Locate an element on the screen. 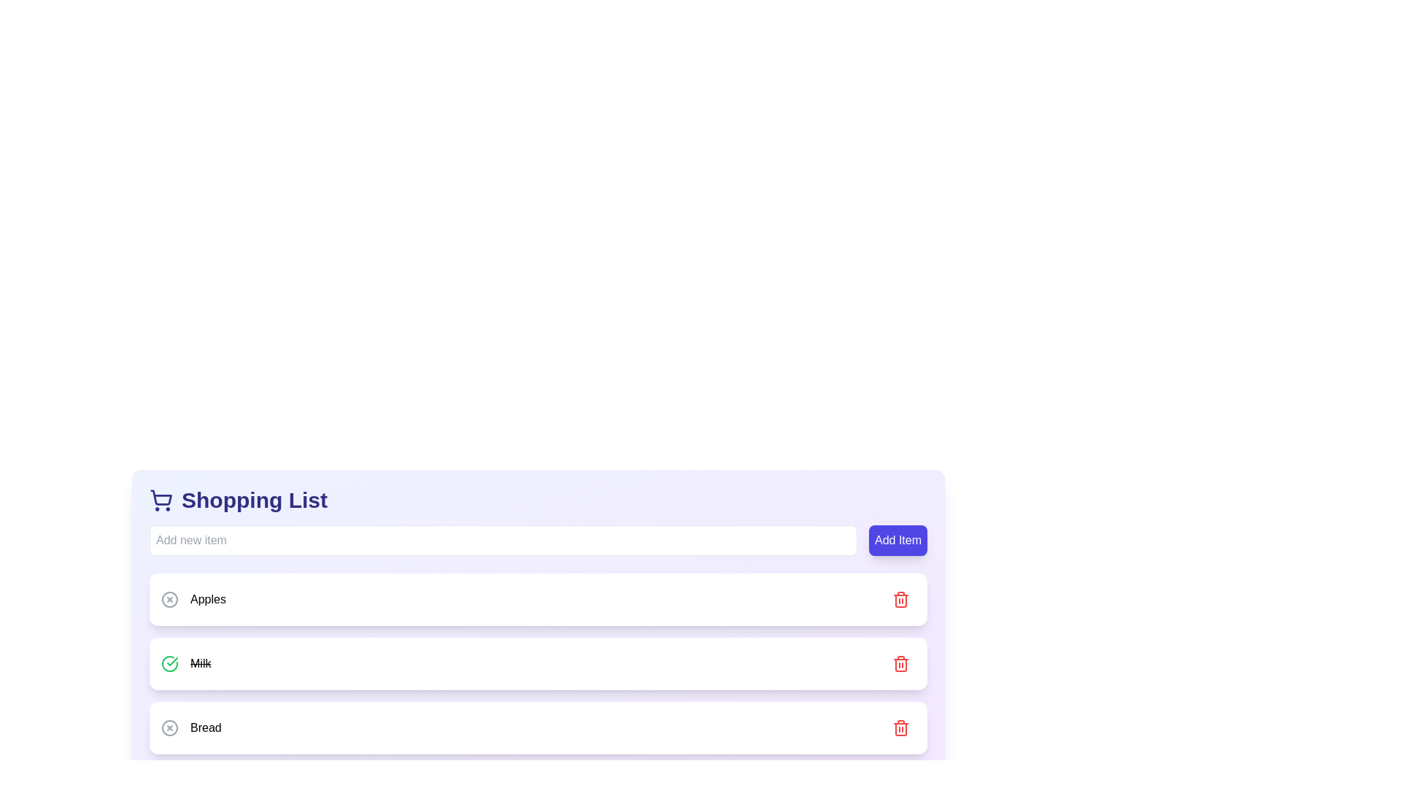 The height and width of the screenshot is (788, 1401). the delete icon adjacent to the text label 'Apples' in the first list item of the shopping list is located at coordinates (170, 599).